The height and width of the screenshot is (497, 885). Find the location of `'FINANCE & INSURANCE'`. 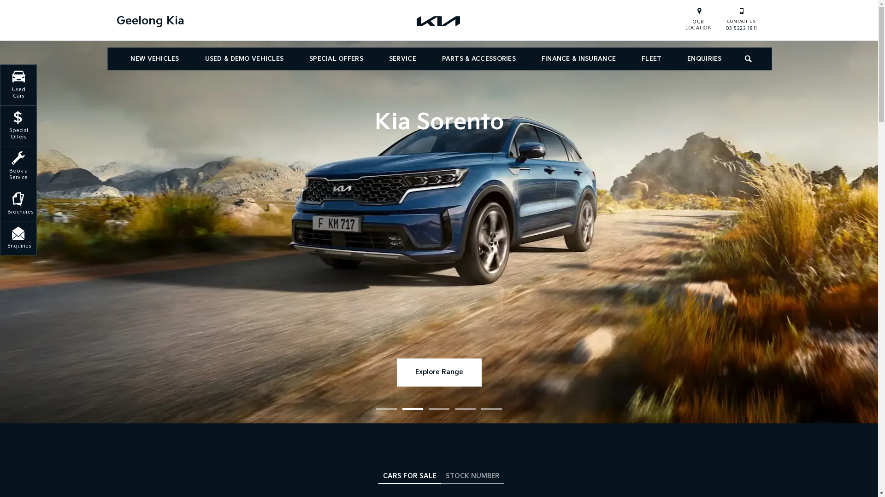

'FINANCE & INSURANCE' is located at coordinates (578, 58).